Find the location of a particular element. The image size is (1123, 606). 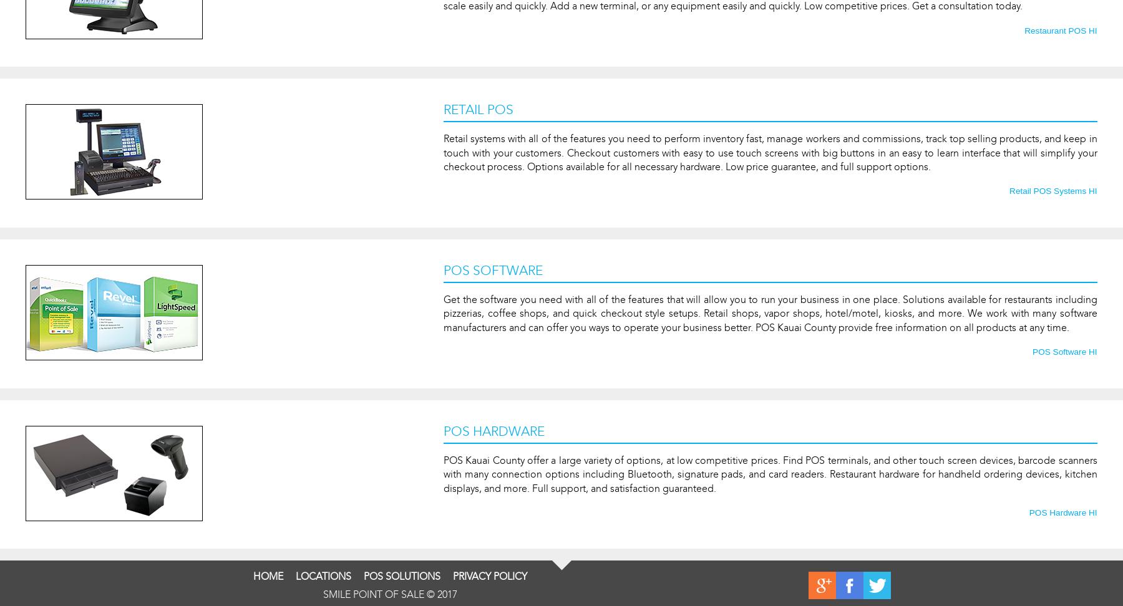

'Retail systems with all of the features you need to perform inventory fast, manage workers and commissions, track top selling products, and keep in touch with your customers. Checkout customers with easy to use touch screens with big buttons in an easy to learn interface that will simplify your checkout process. Options available for all necessary hardware. Low price guarantee, and full support options.' is located at coordinates (769, 153).